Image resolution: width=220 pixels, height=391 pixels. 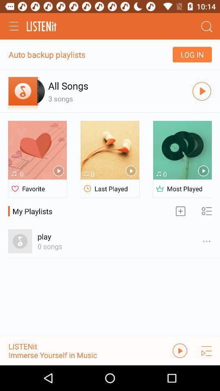 I want to click on the icon which is beside the my playlists, so click(x=180, y=211).